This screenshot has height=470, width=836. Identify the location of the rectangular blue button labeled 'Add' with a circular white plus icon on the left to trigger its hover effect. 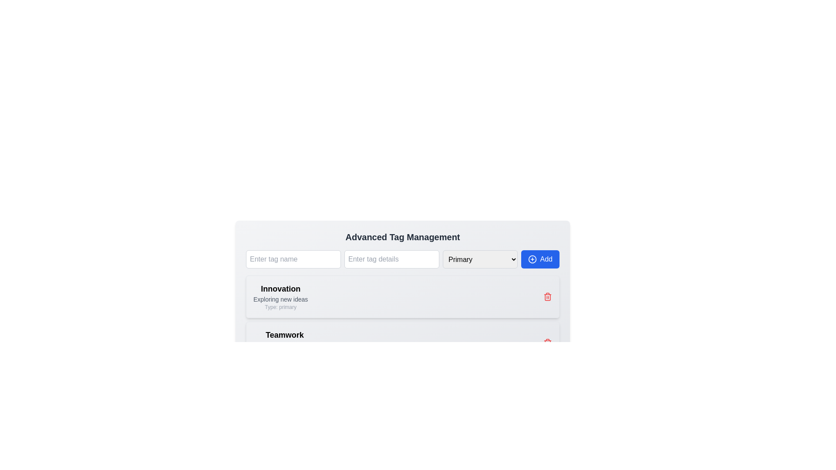
(539, 259).